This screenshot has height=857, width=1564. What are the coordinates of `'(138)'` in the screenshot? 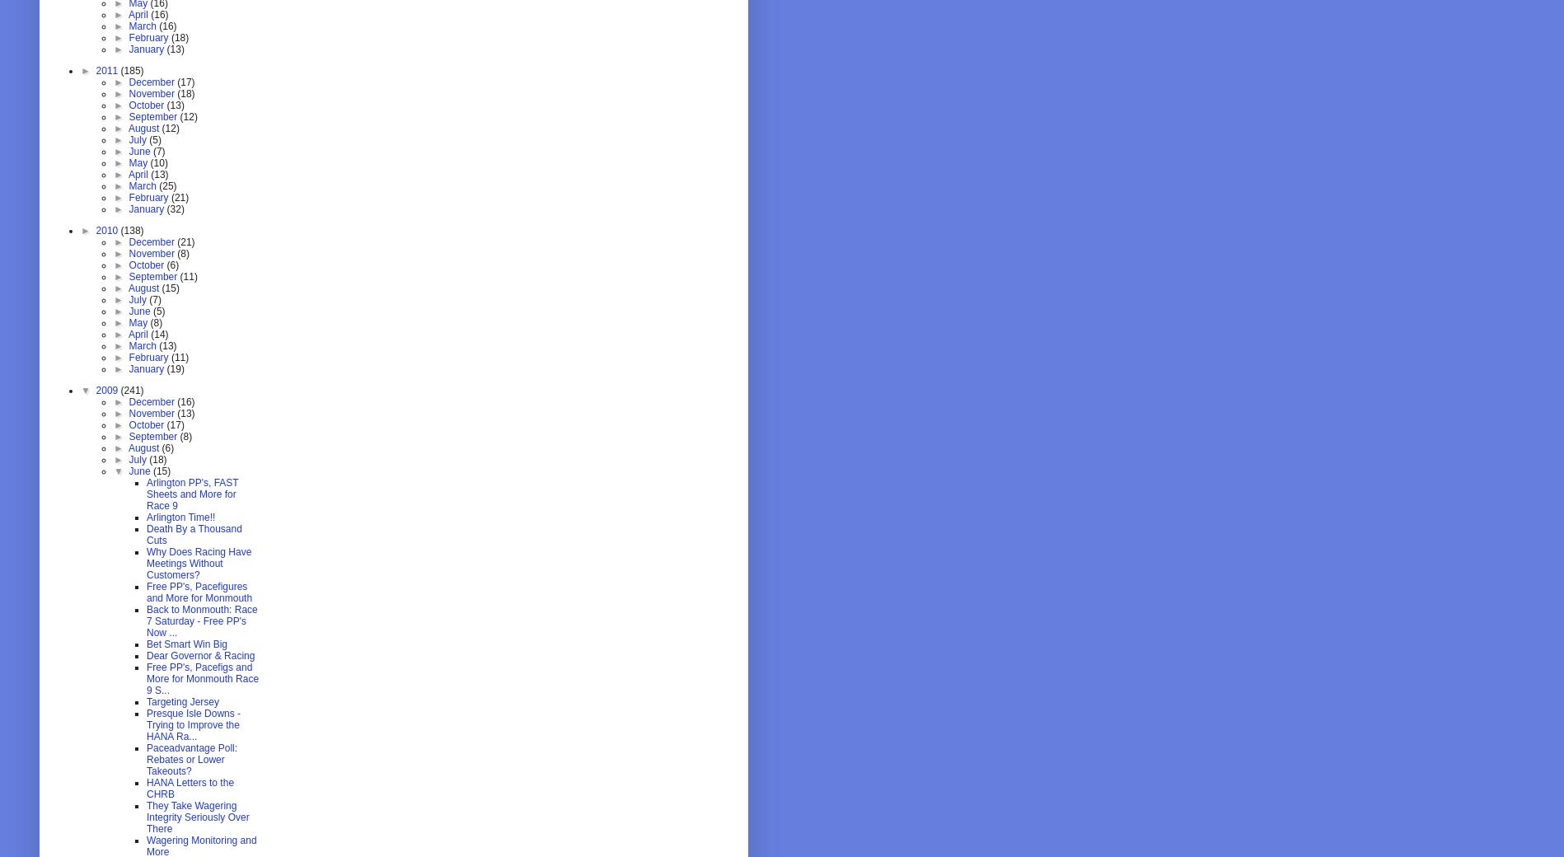 It's located at (131, 229).